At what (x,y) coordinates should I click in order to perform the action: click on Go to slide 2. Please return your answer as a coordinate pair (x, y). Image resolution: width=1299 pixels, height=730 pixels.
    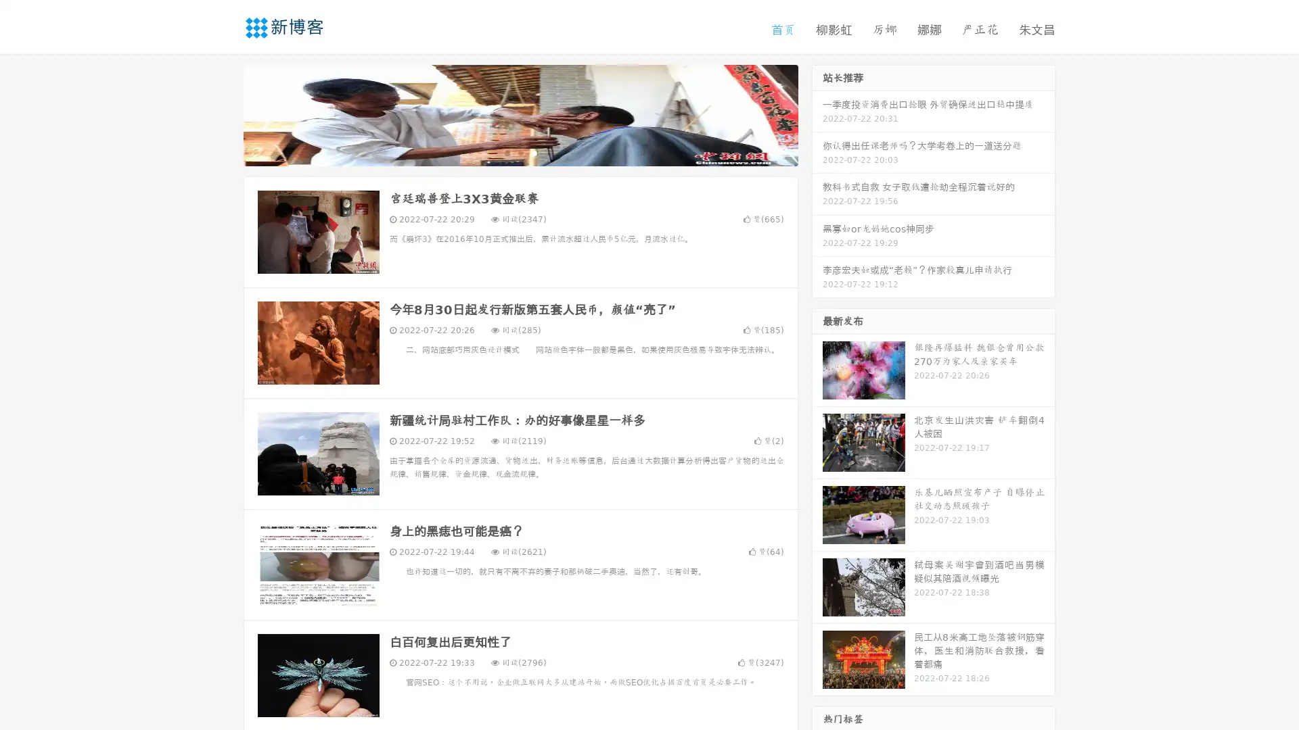
    Looking at the image, I should click on (520, 152).